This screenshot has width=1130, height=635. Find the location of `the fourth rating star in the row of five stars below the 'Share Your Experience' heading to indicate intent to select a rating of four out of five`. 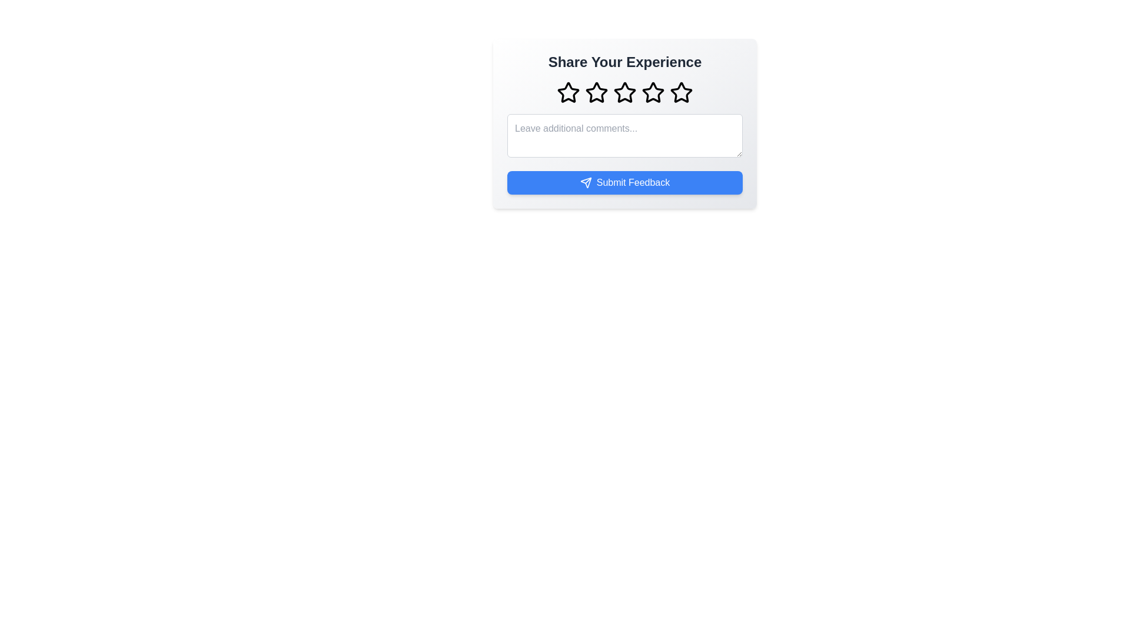

the fourth rating star in the row of five stars below the 'Share Your Experience' heading to indicate intent to select a rating of four out of five is located at coordinates (652, 92).